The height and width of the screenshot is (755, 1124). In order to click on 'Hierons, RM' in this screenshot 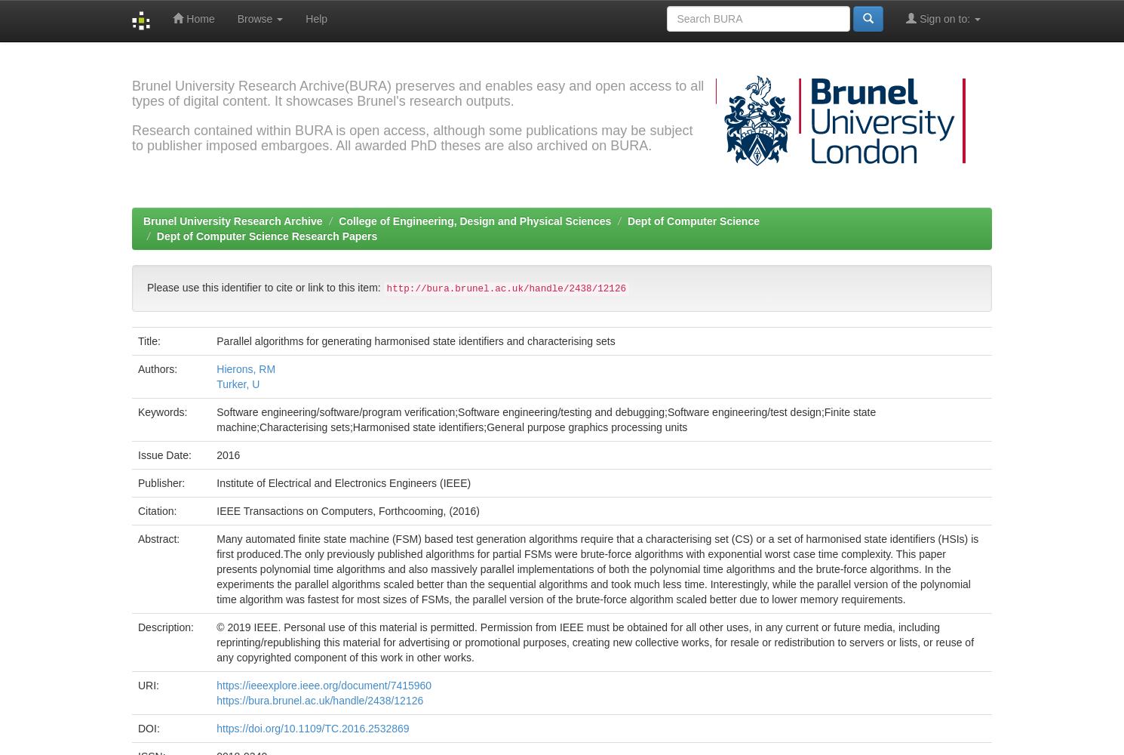, I will do `click(245, 368)`.